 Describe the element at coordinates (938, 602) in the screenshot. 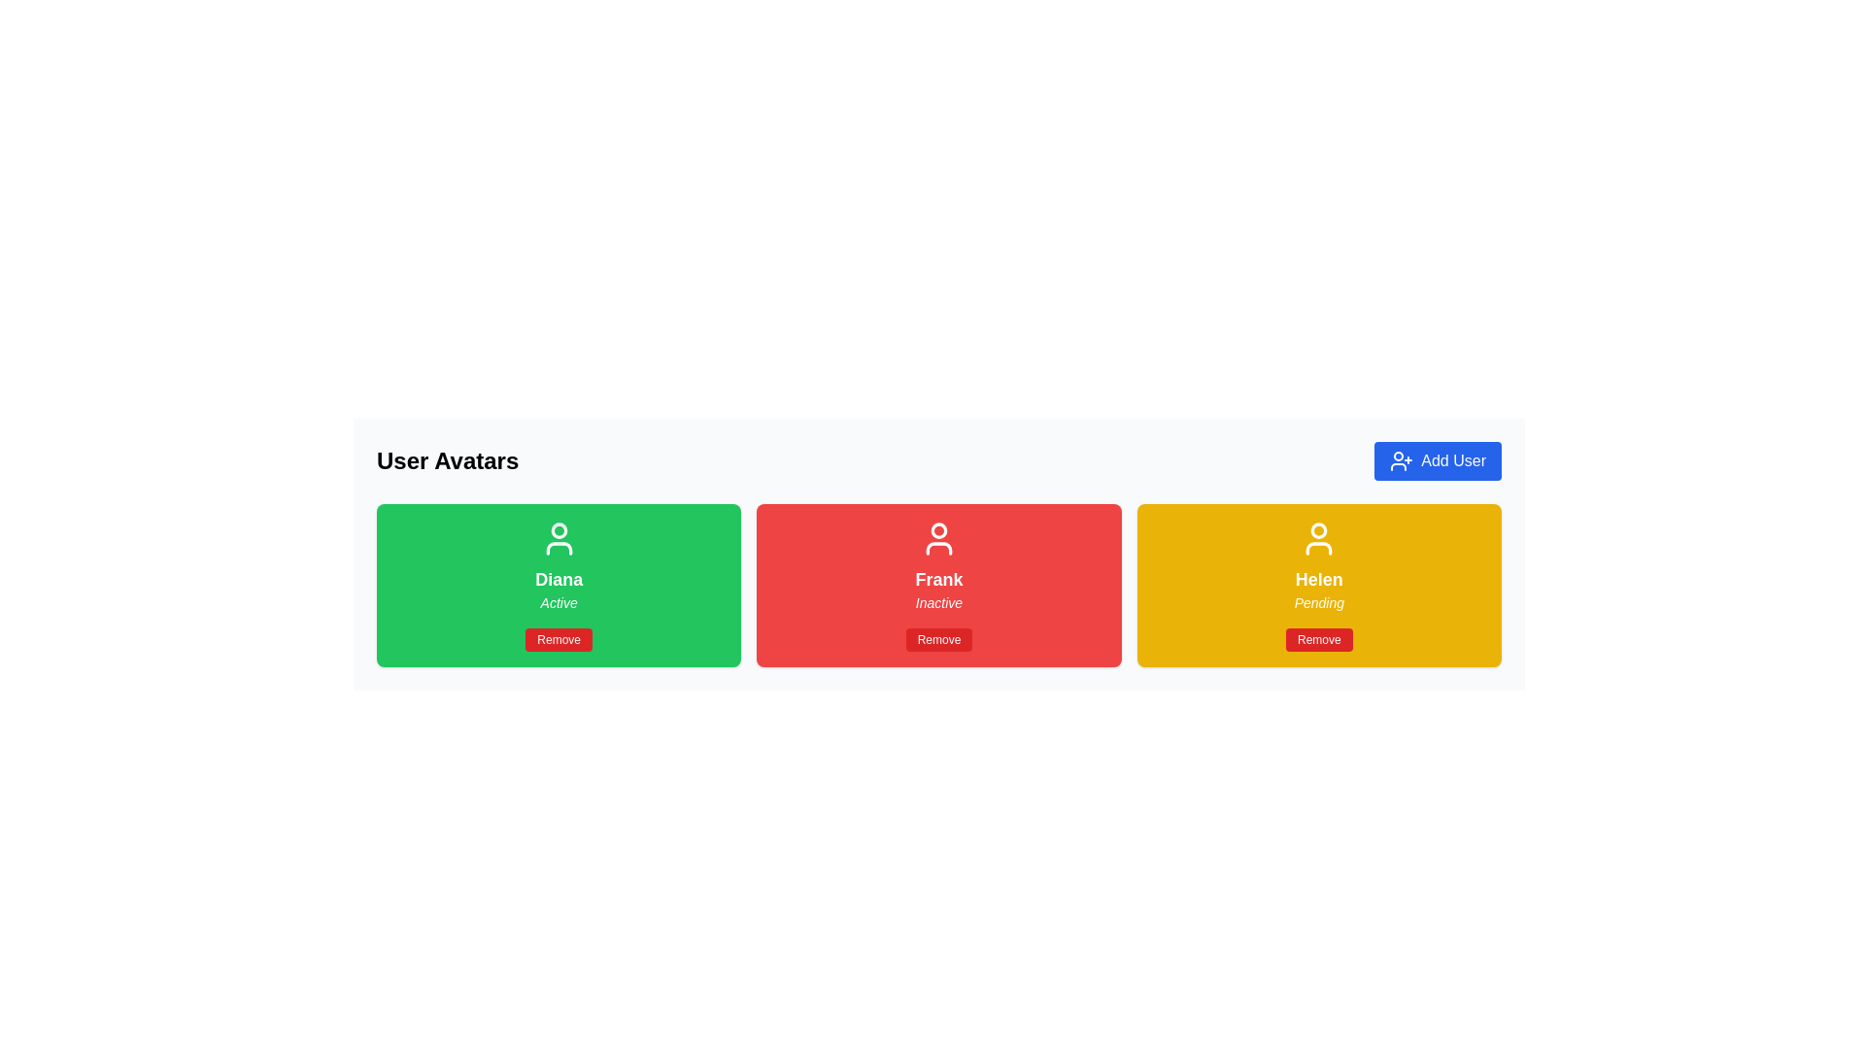

I see `the text label displaying 'Inactive' in italic style, which is located below the bold text 'Frank' within a red card-like structure` at that location.